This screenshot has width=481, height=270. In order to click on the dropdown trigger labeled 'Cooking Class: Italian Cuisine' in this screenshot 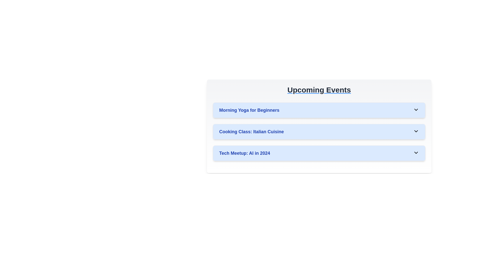, I will do `click(319, 131)`.